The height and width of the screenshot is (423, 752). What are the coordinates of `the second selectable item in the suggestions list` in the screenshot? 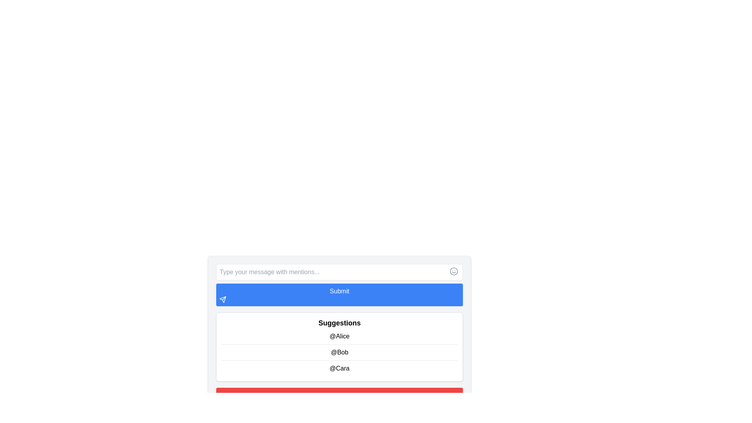 It's located at (340, 351).